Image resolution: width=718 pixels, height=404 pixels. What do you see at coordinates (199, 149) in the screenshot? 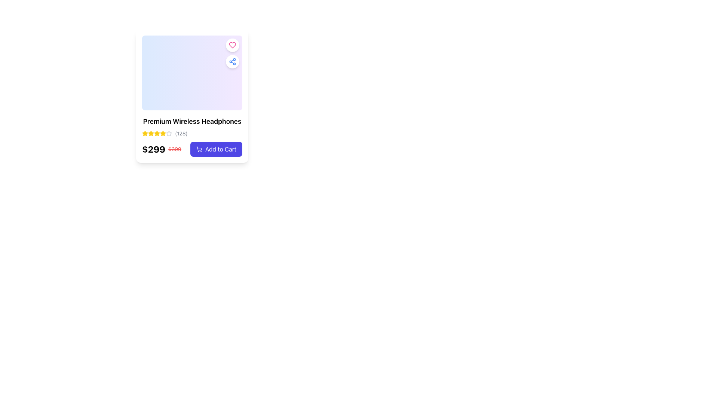
I see `the shopping cart icon inside the 'Add to Cart' button located at the bottom-right corner of the product card` at bounding box center [199, 149].